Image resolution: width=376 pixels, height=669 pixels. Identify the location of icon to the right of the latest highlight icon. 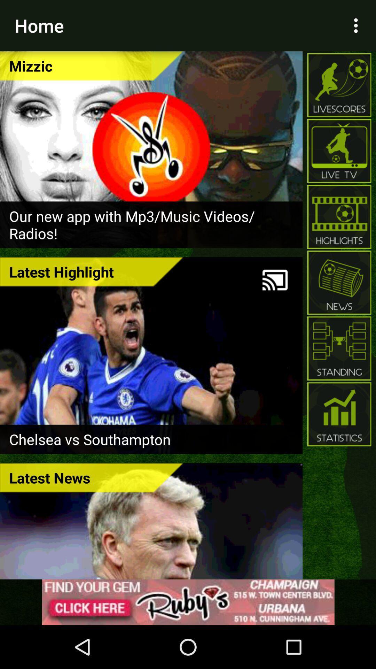
(275, 280).